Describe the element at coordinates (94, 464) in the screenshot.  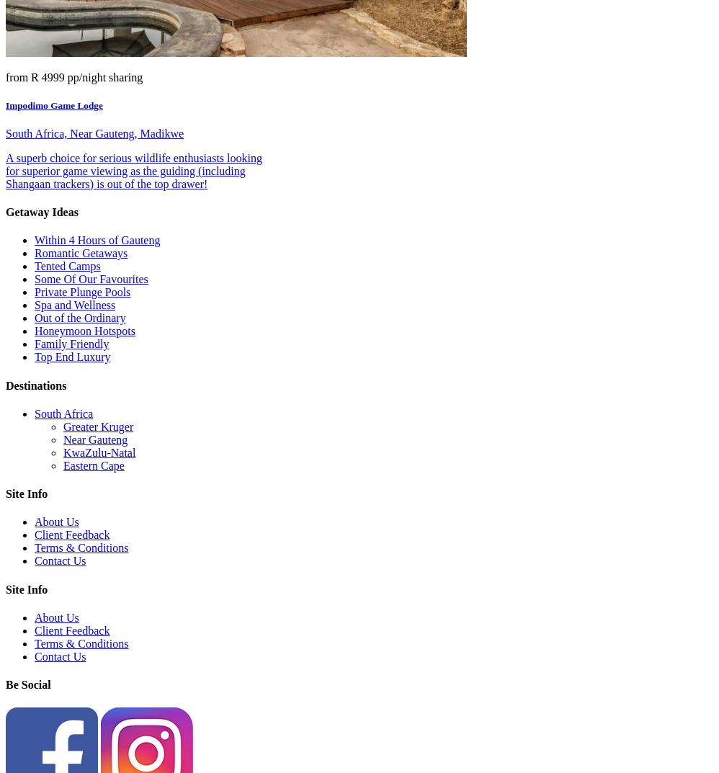
I see `'Eastern Cape'` at that location.